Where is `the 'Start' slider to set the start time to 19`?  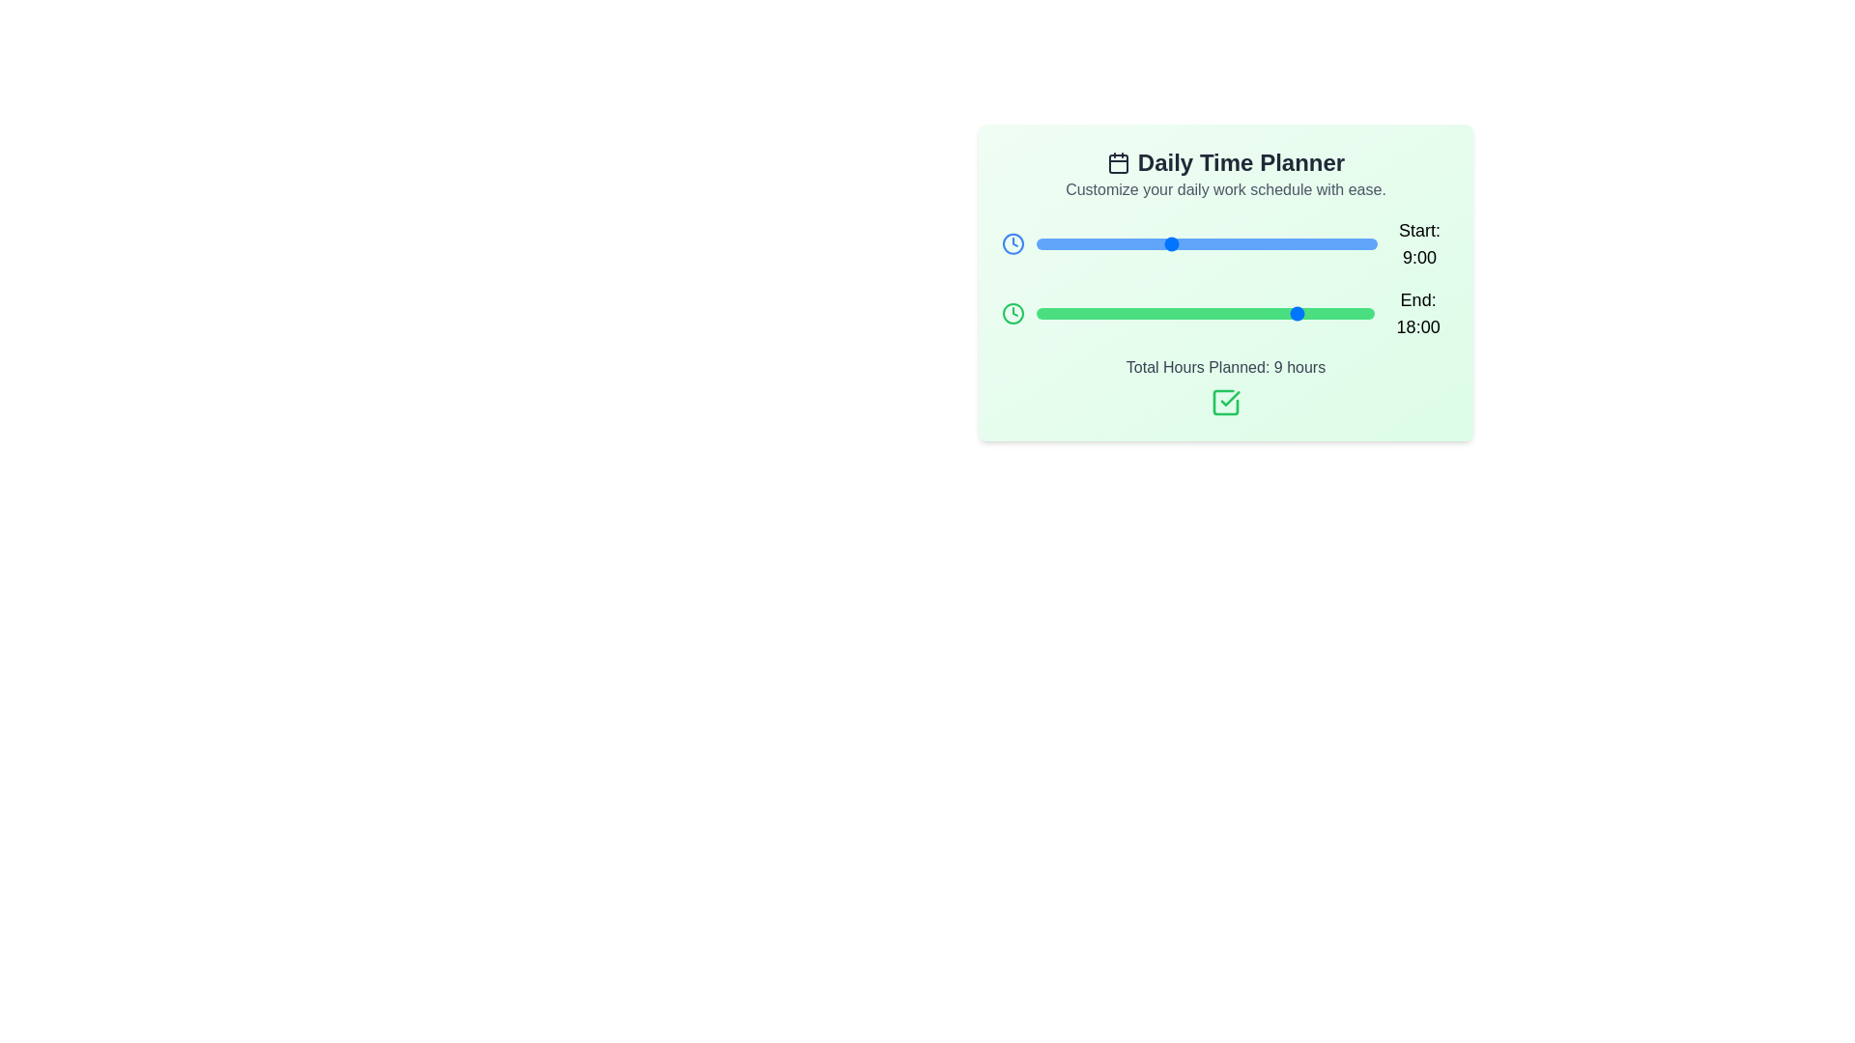
the 'Start' slider to set the start time to 19 is located at coordinates (1317, 243).